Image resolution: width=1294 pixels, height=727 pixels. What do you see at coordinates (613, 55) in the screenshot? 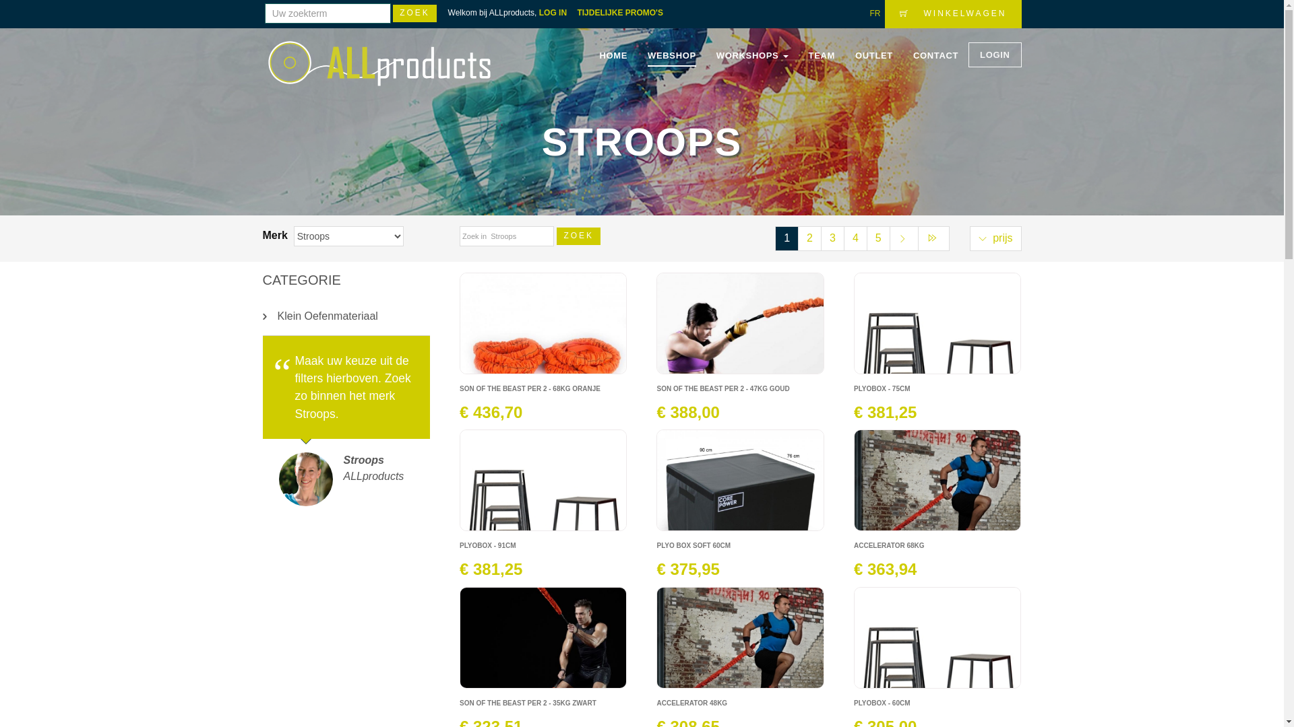
I see `'HOME'` at bounding box center [613, 55].